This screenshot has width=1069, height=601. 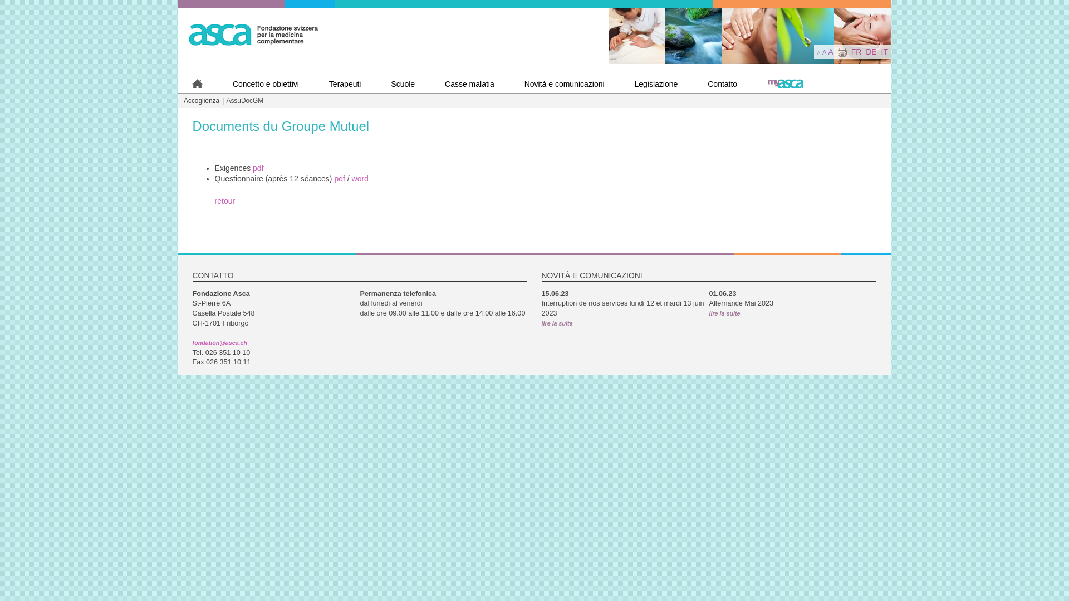 I want to click on 'fondation@asca.ch', so click(x=219, y=342).